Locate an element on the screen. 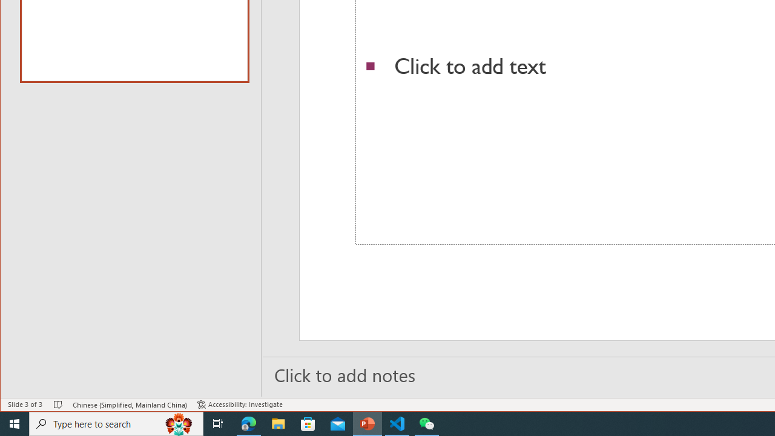  'Microsoft Edge - 1 running window' is located at coordinates (248, 423).